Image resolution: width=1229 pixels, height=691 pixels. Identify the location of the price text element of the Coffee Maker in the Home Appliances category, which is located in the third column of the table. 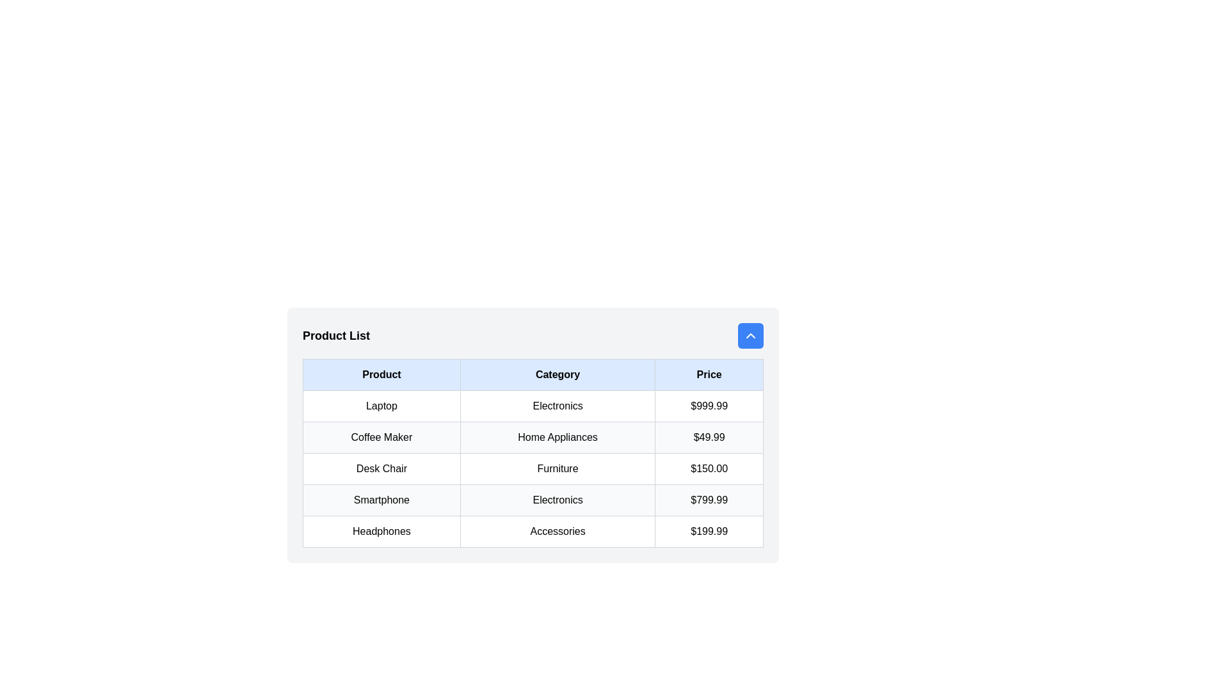
(709, 436).